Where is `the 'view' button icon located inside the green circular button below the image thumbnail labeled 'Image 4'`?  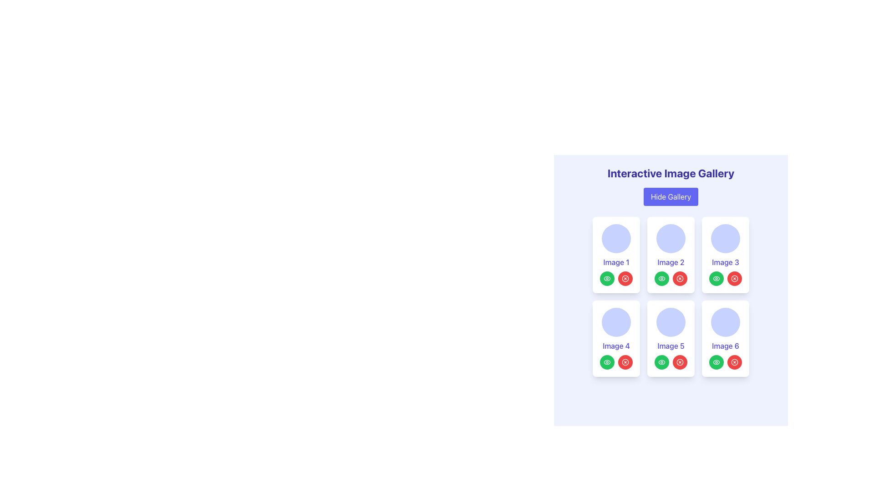
the 'view' button icon located inside the green circular button below the image thumbnail labeled 'Image 4' is located at coordinates (607, 362).